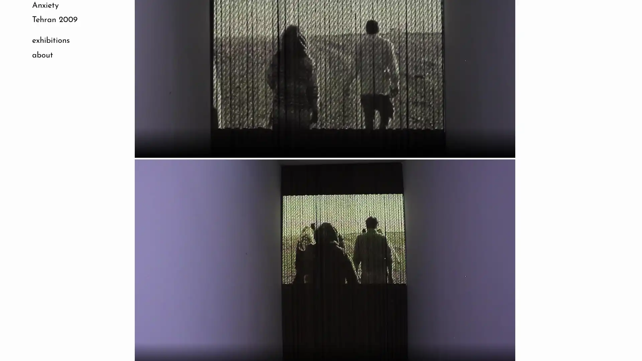 This screenshot has width=642, height=361. I want to click on enter full screen, so click(491, 141).